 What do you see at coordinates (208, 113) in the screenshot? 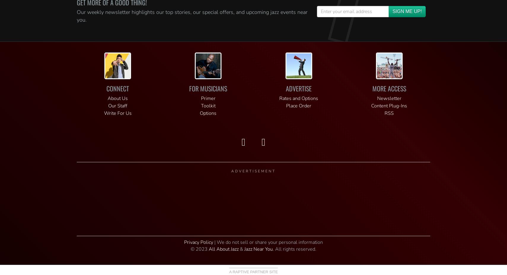
I see `'Options'` at bounding box center [208, 113].